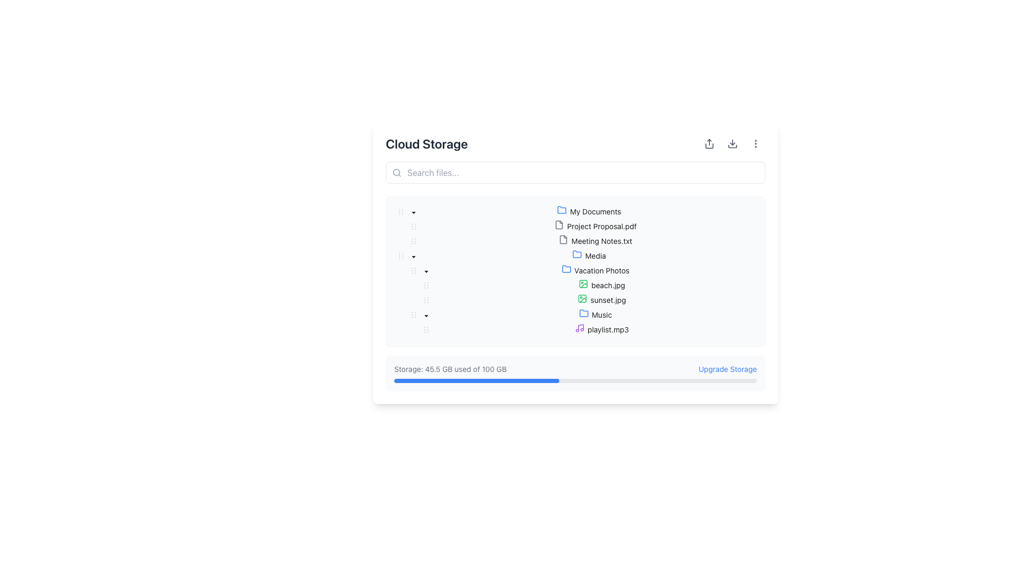 The height and width of the screenshot is (569, 1012). What do you see at coordinates (563, 240) in the screenshot?
I see `the SVG icon resembling a document or file, located immediately to the left of the 'Meeting Notes.txt' label` at bounding box center [563, 240].